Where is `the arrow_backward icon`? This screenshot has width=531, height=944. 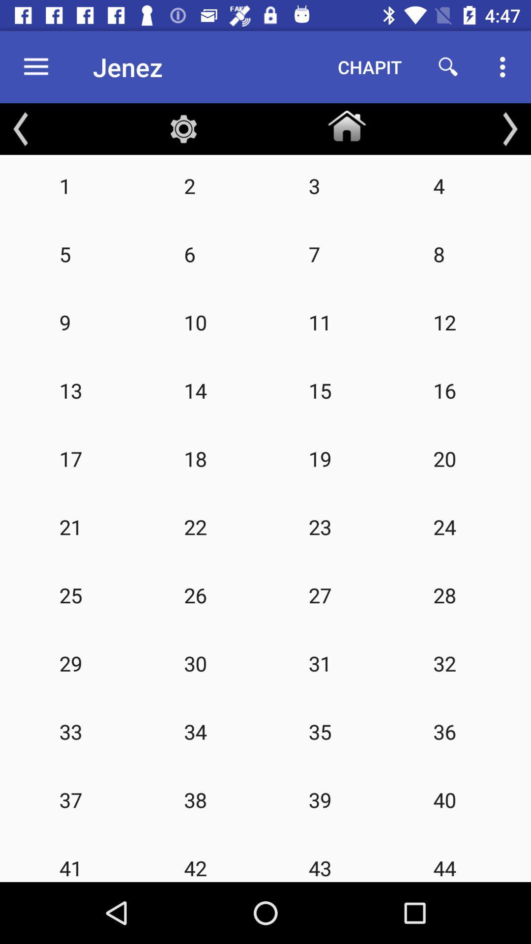
the arrow_backward icon is located at coordinates (21, 128).